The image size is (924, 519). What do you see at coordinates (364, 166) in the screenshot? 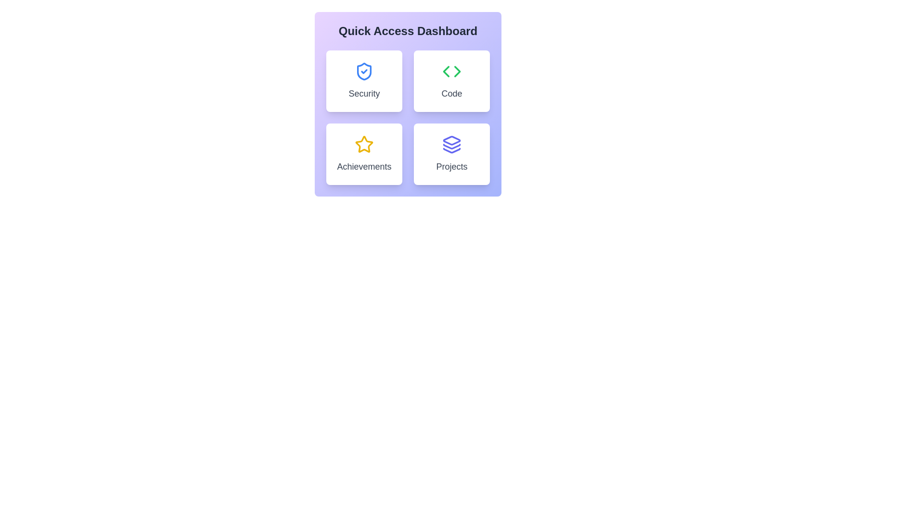
I see `the labeled navigation link that directs to the 'Achievements' section, located in the bottom-left quadrant of the card layout in the 'Quick Access Dashboard'` at bounding box center [364, 166].